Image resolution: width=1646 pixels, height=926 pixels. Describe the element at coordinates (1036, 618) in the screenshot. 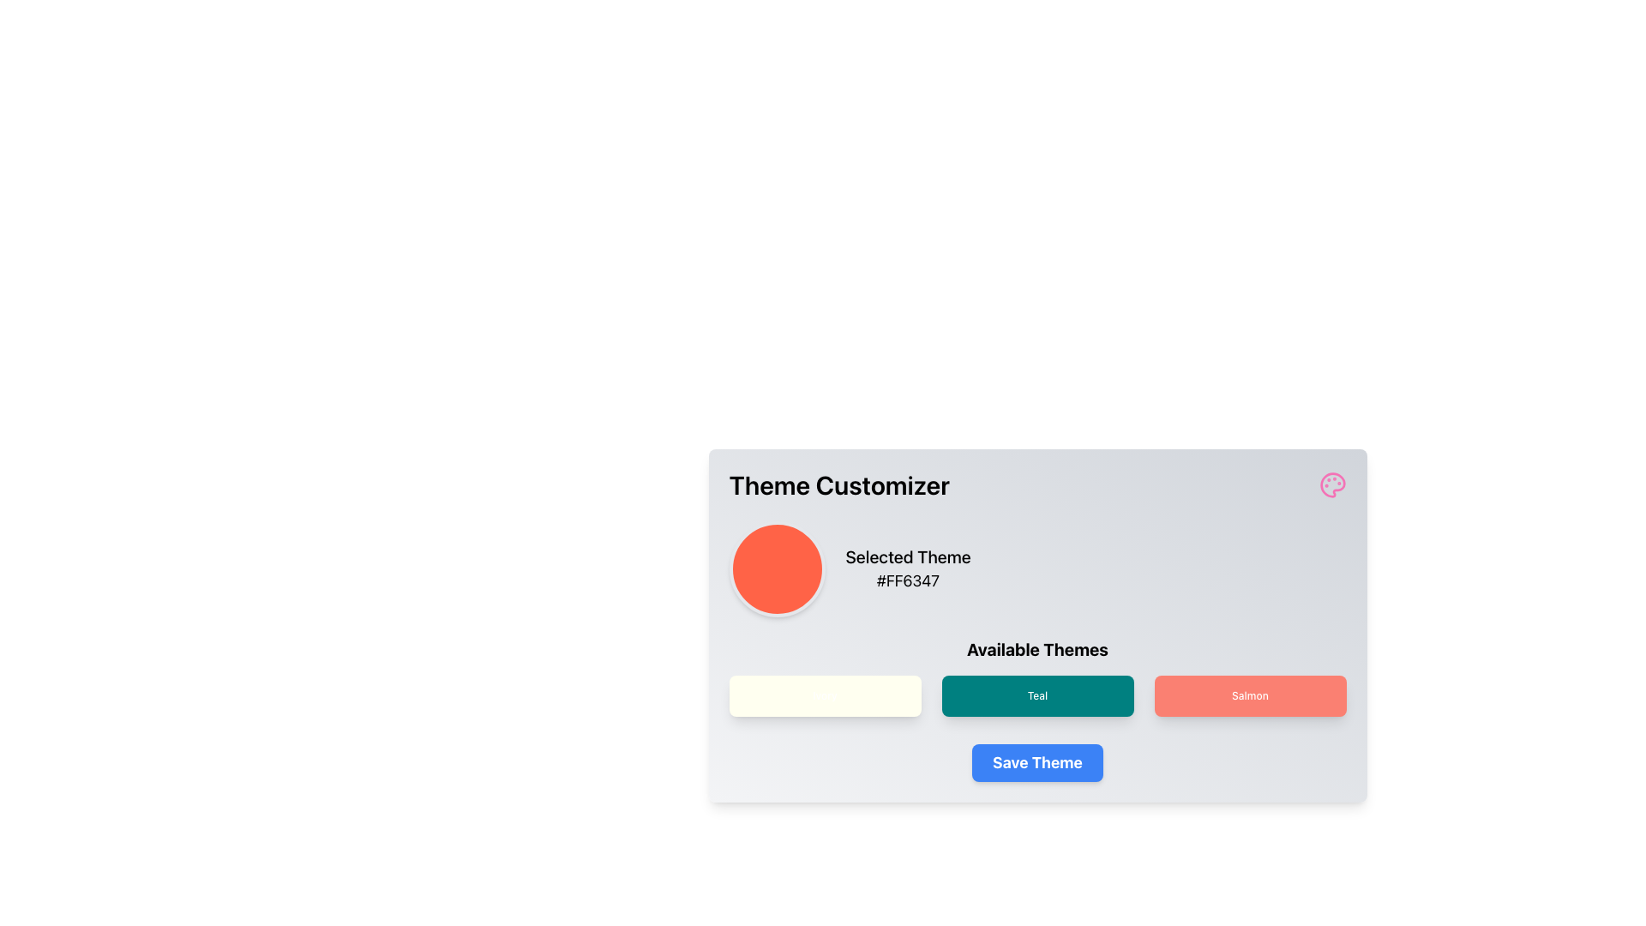

I see `the UI section containing the large circular color display labeled 'Selected Theme' with the hex color code '#FF6347' and the buttons labeled 'Ivory', 'Teal', and 'Salmon'` at that location.